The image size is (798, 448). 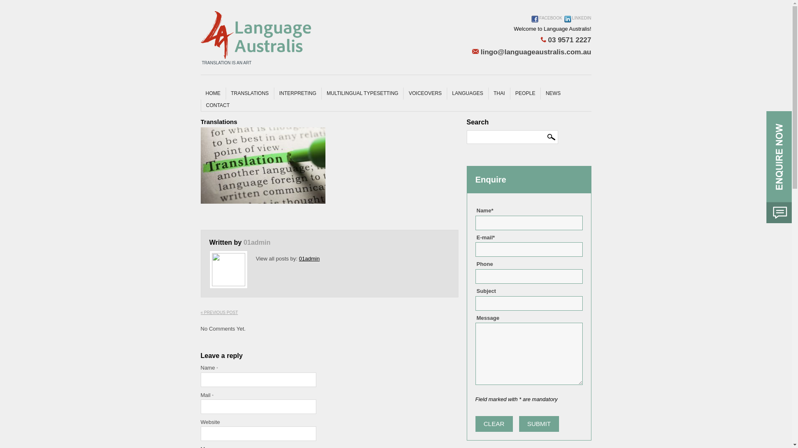 What do you see at coordinates (499, 93) in the screenshot?
I see `'THAI'` at bounding box center [499, 93].